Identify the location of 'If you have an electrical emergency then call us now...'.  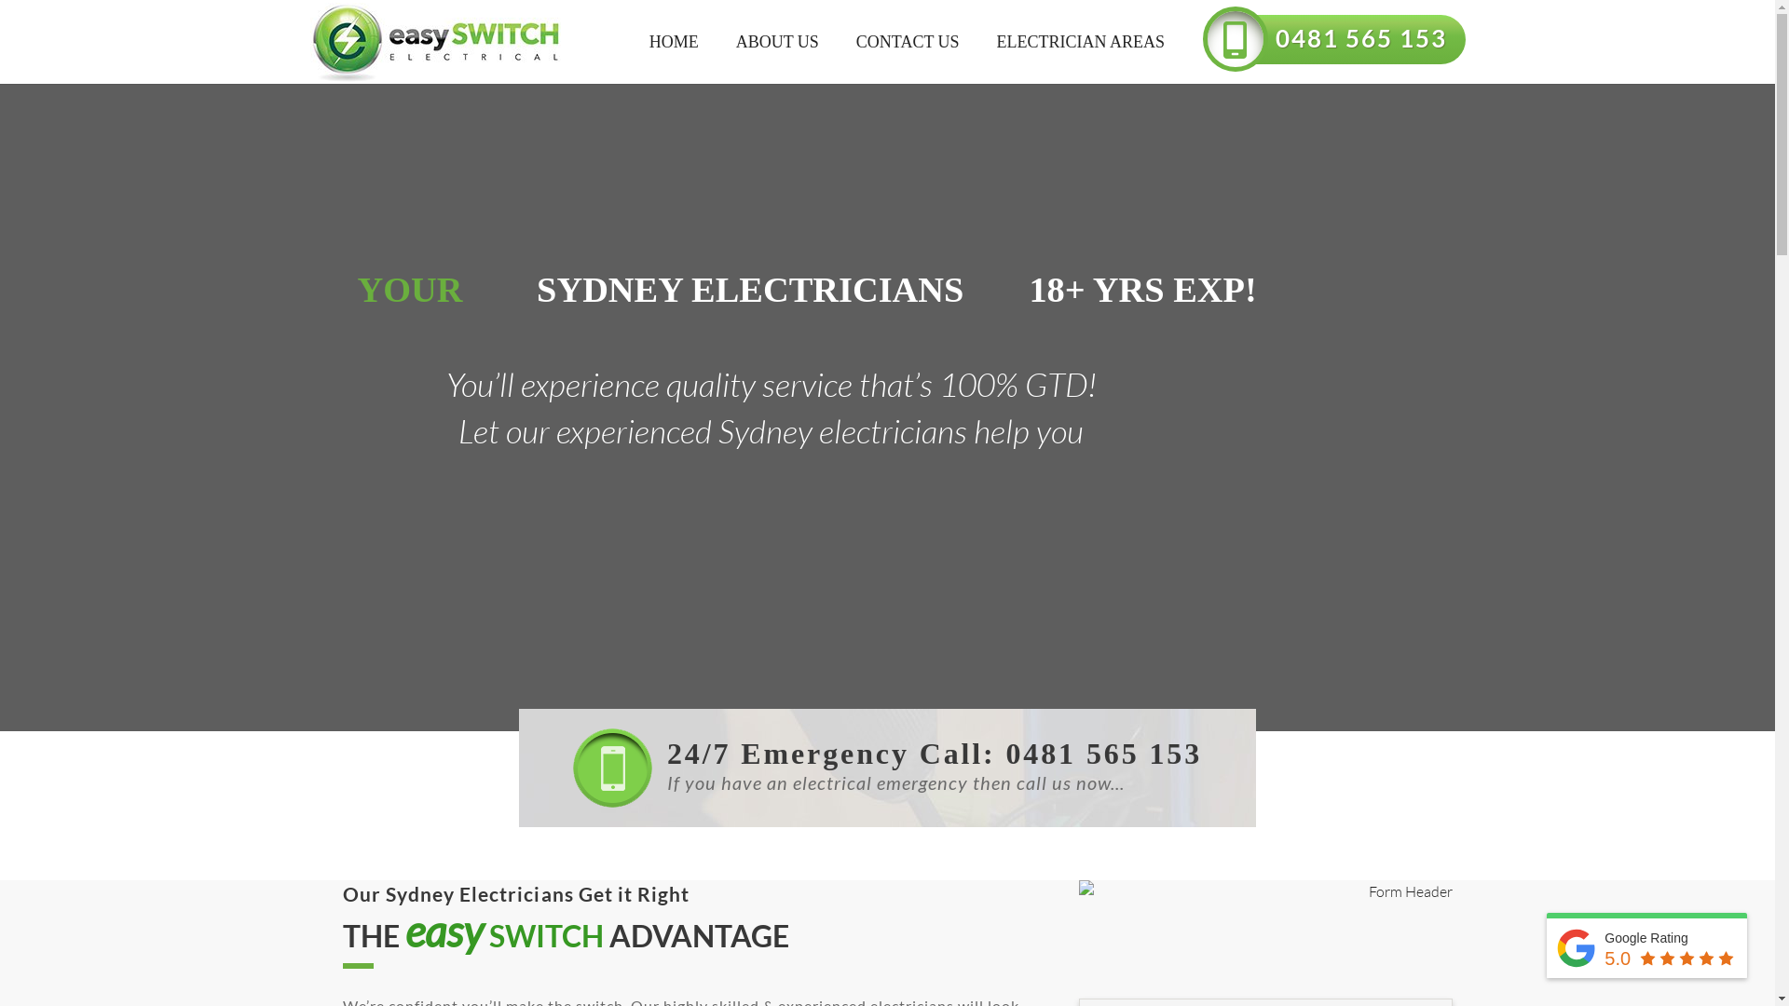
(886, 794).